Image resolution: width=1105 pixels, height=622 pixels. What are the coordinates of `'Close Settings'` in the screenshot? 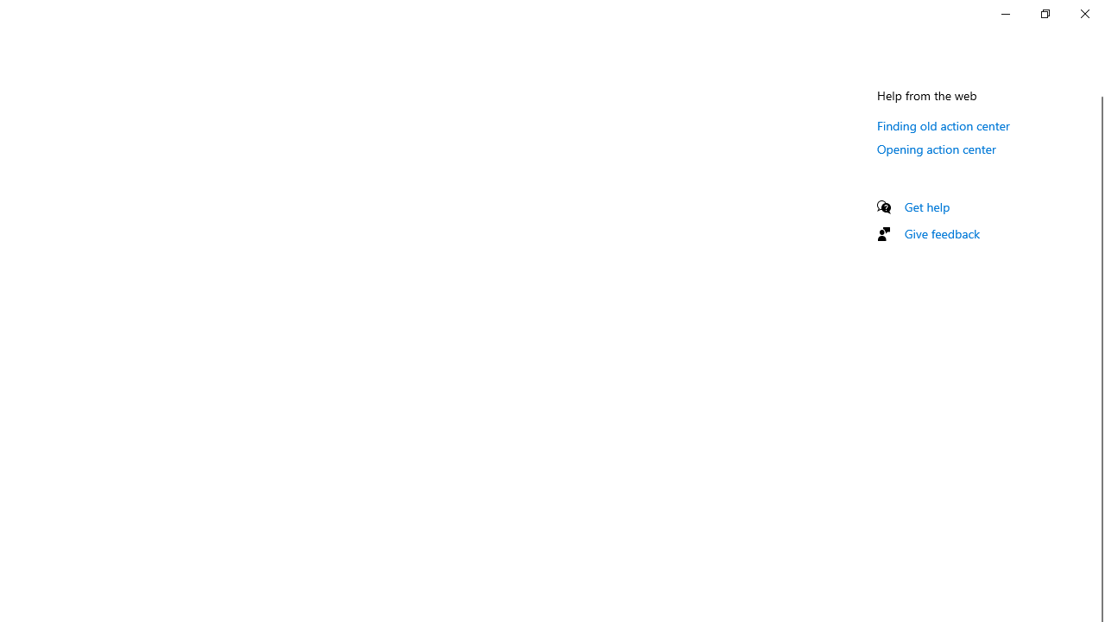 It's located at (1083, 13).